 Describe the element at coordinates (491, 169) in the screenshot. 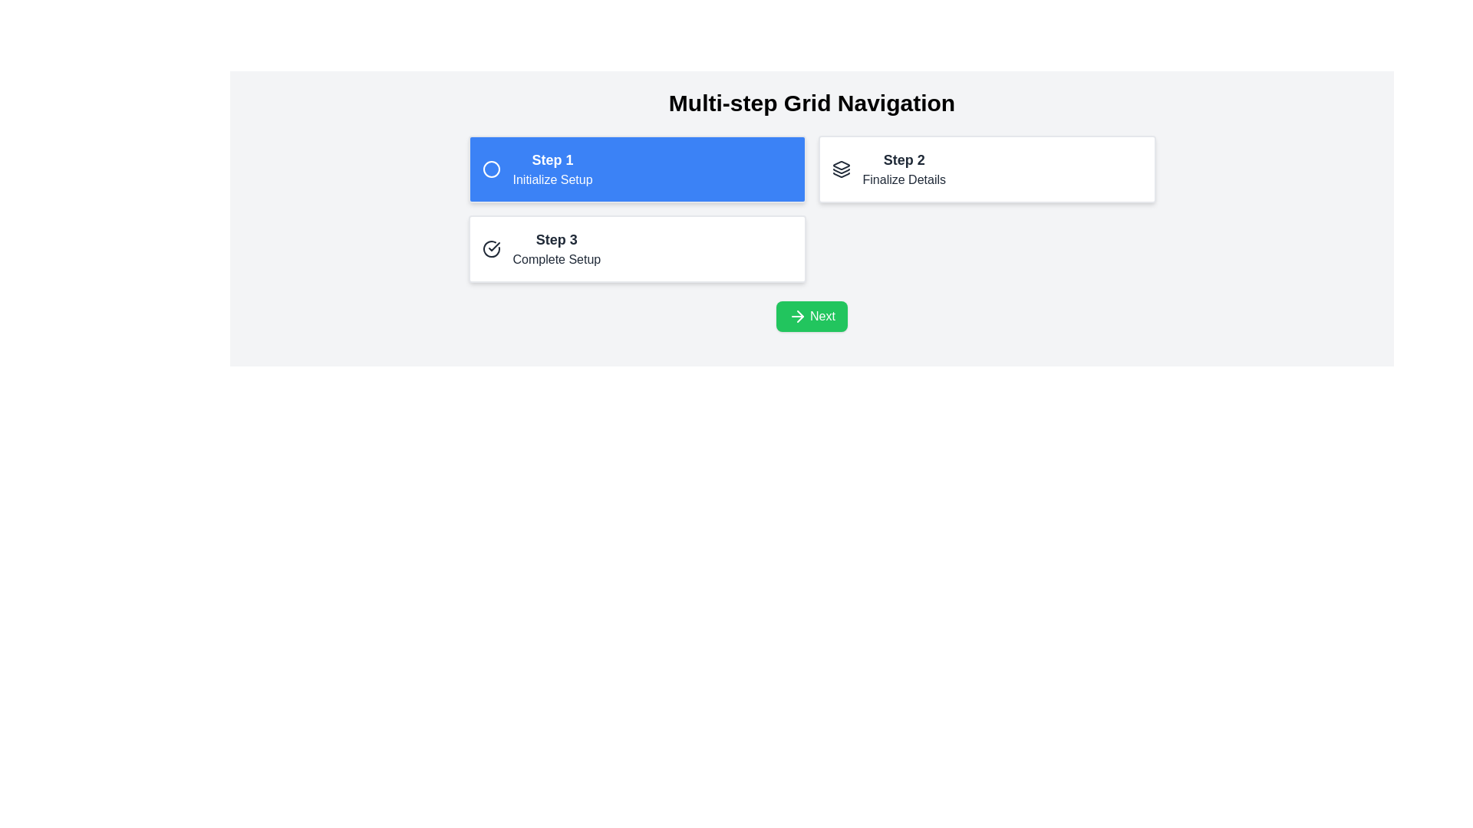

I see `the Circular icon (SVG element) that indicates progress or status in the multi-step navigation UI, located to the left of the text 'Step 1' within the blue highlighted box` at that location.